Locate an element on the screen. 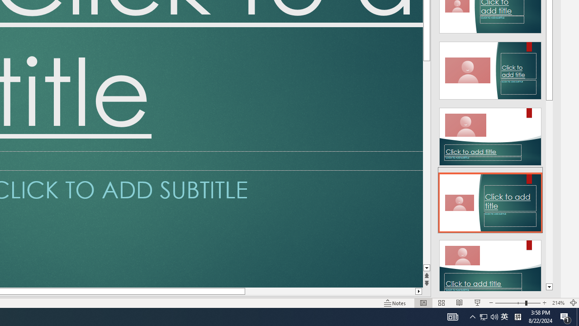 This screenshot has height=326, width=579. 'Zoom 214%' is located at coordinates (558, 303).